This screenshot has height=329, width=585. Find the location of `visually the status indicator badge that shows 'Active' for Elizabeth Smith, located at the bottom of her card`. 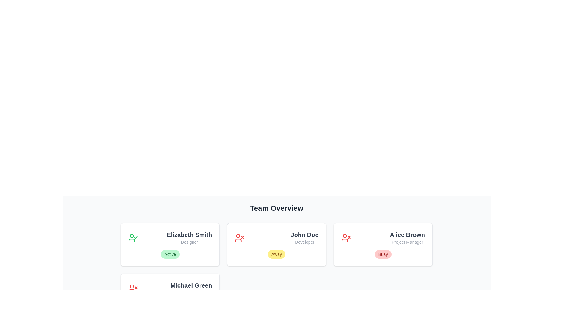

visually the status indicator badge that shows 'Active' for Elizabeth Smith, located at the bottom of her card is located at coordinates (170, 254).